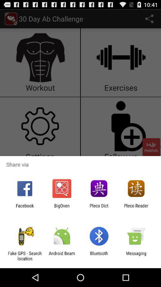 This screenshot has height=287, width=161. What do you see at coordinates (99, 208) in the screenshot?
I see `the item next to the pleco reader app` at bounding box center [99, 208].